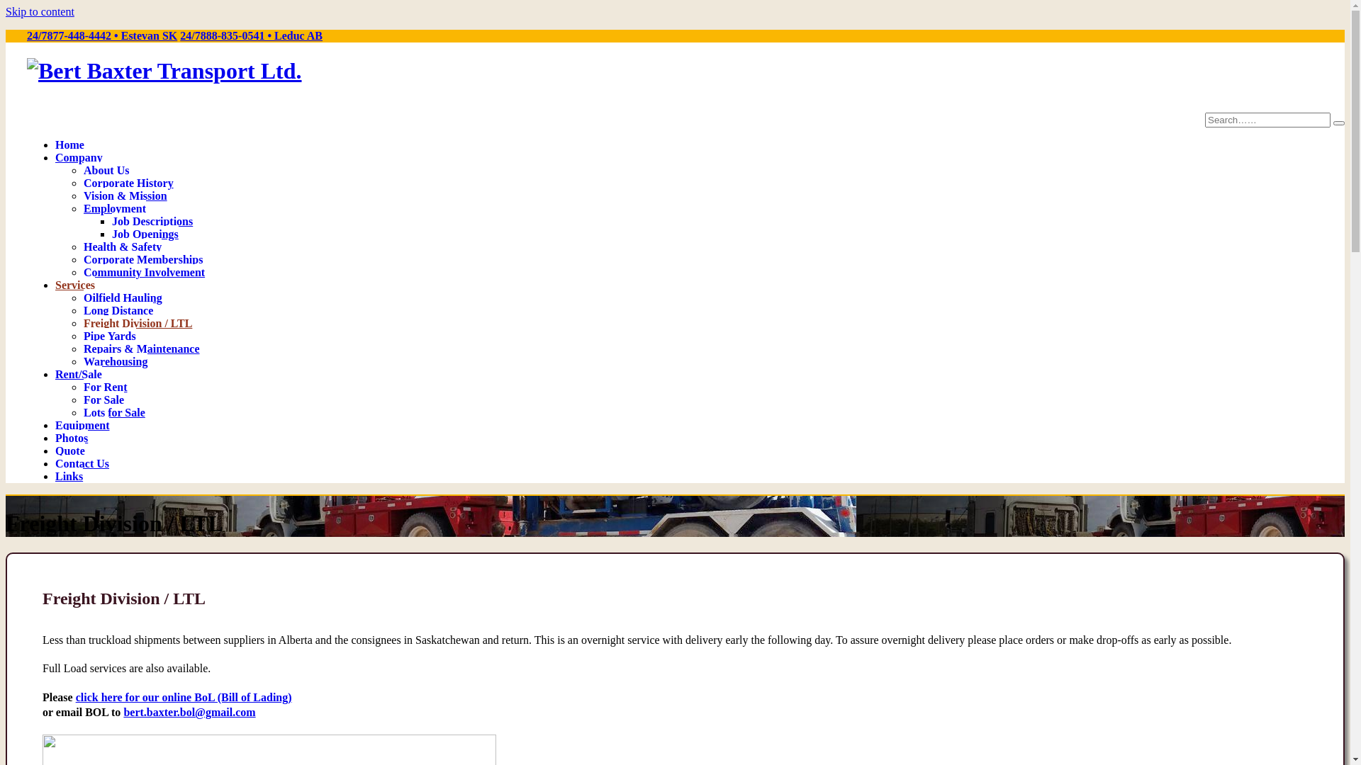 The image size is (1361, 765). I want to click on 'Oilfield Hauling', so click(123, 296).